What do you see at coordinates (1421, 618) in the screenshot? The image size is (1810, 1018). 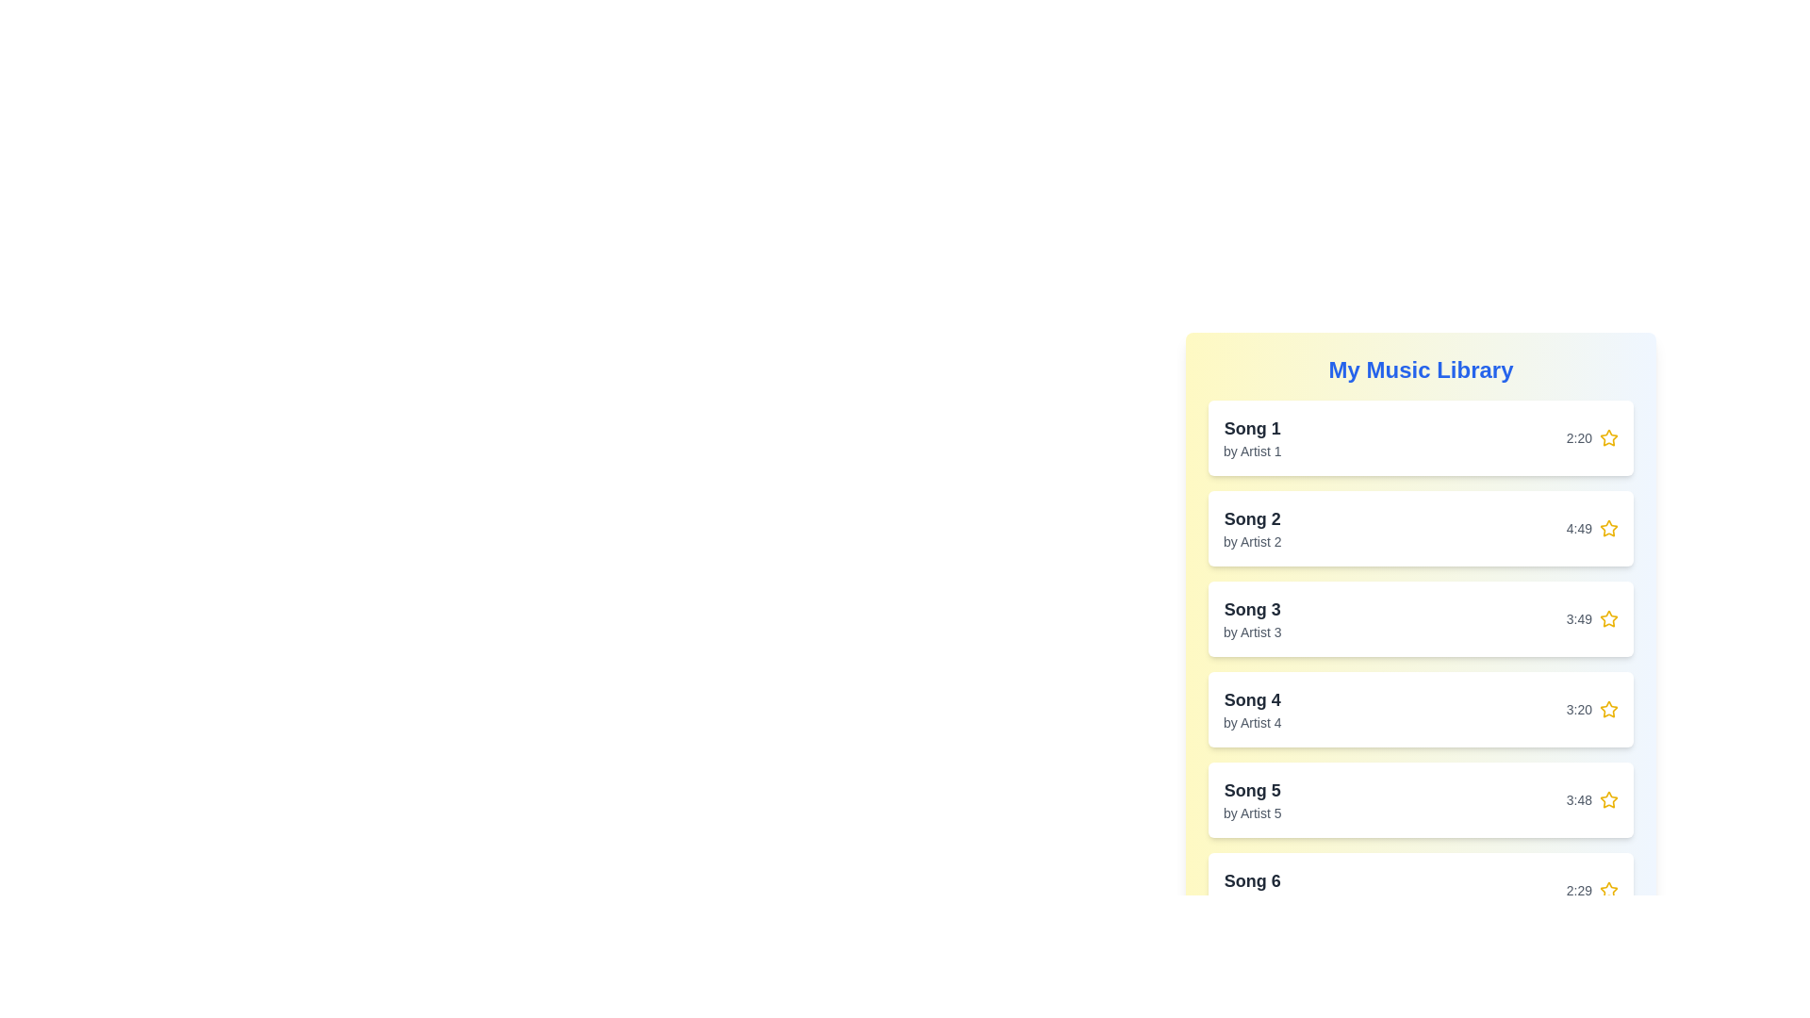 I see `the third List Item Card in the music library` at bounding box center [1421, 618].